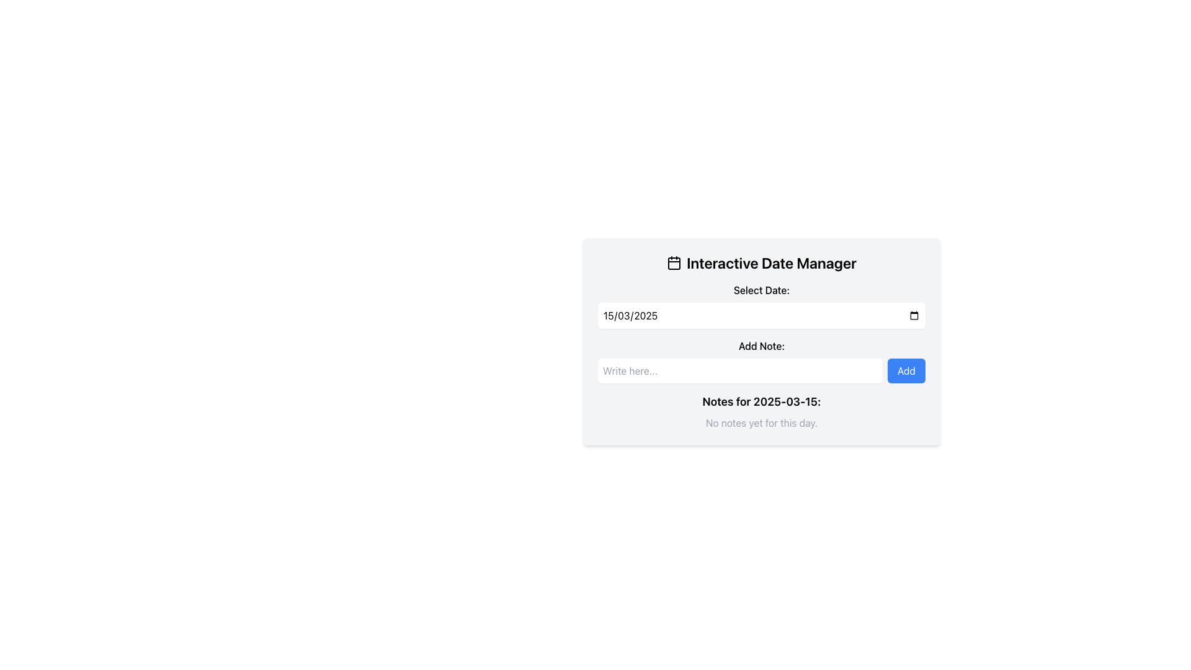 The image size is (1191, 670). I want to click on the text element labeled 'Notes for 2025-03-15:' which is styled in bold and positioned below the 'Add Note' button in the 'Interactive Date Manager' section, so click(761, 402).